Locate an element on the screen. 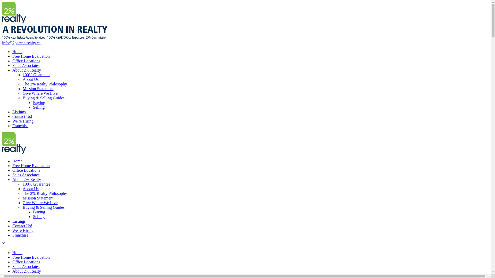 This screenshot has height=278, width=495. 'About Us' is located at coordinates (30, 189).